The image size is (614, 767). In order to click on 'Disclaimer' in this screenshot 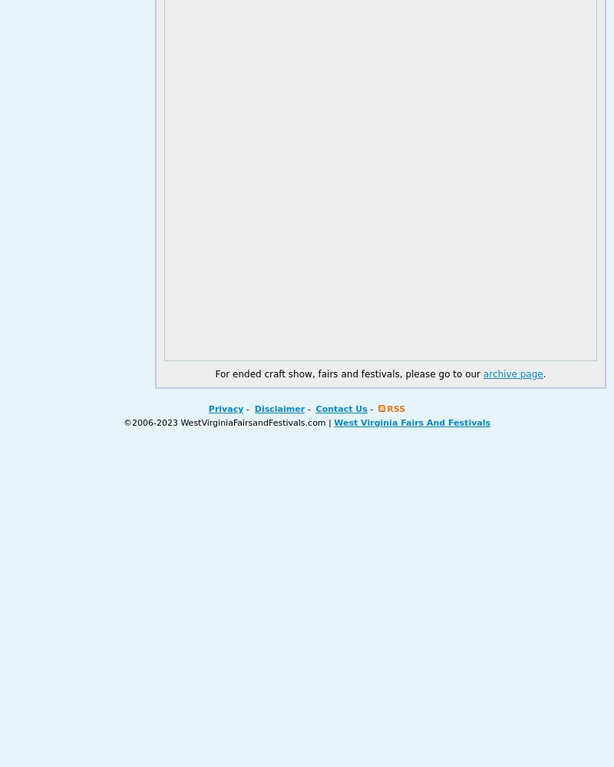, I will do `click(279, 409)`.